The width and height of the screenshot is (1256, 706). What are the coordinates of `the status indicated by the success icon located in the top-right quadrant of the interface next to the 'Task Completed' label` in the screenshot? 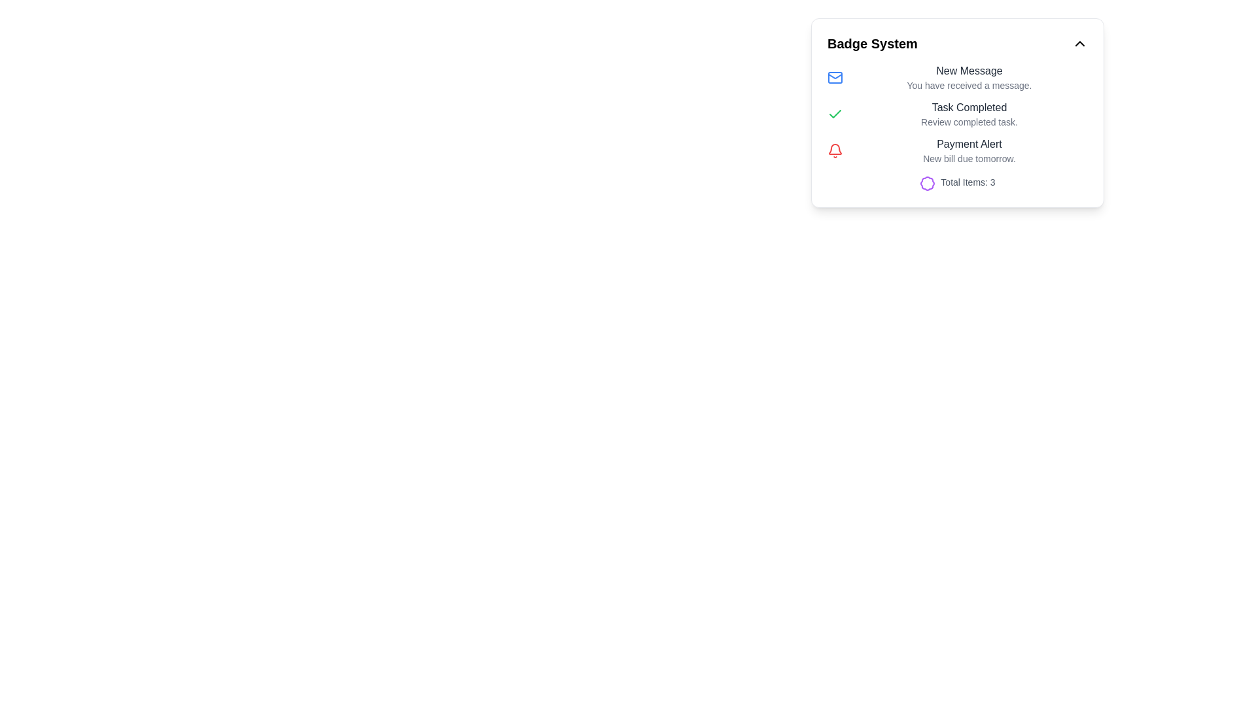 It's located at (834, 113).